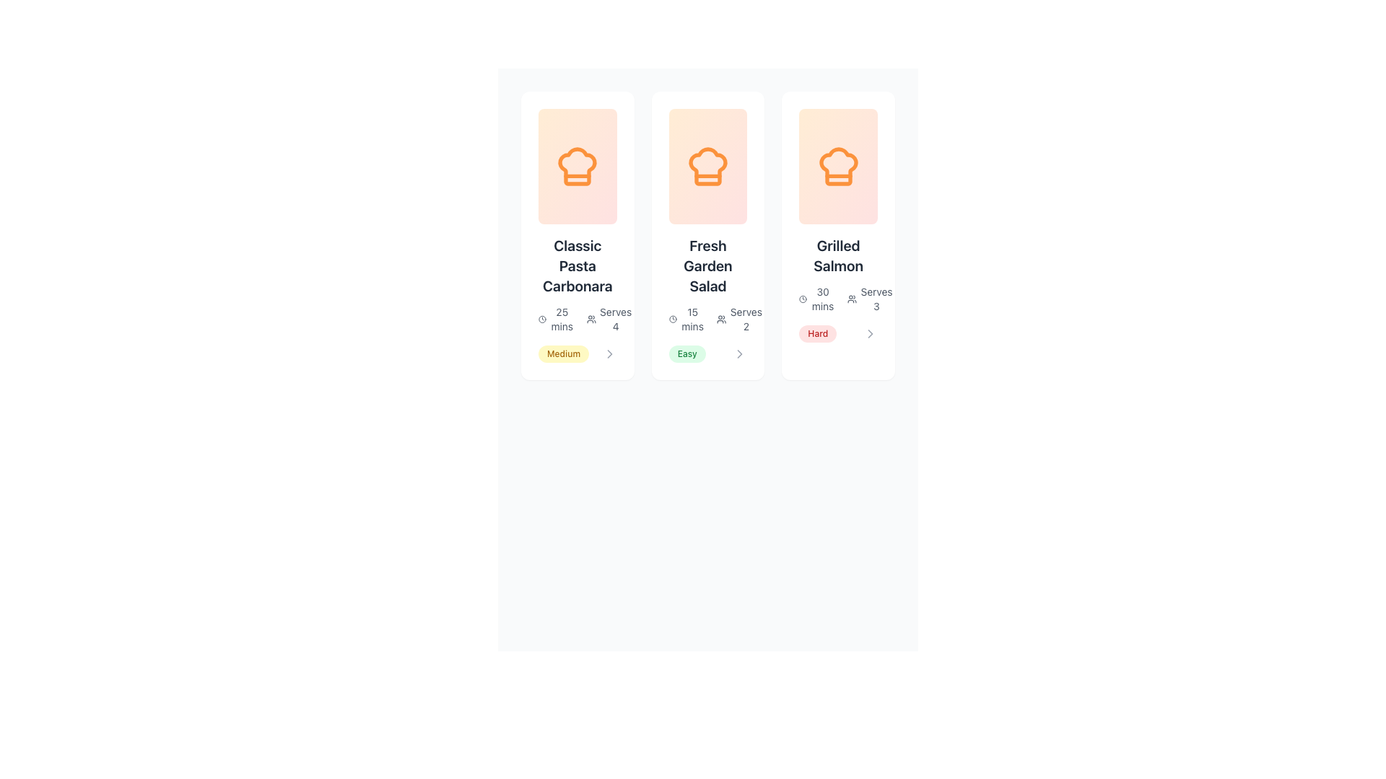 Image resolution: width=1386 pixels, height=779 pixels. I want to click on text label displaying 'Serves 2', which is styled simply and positioned below the icon of two silhouetted figures within the 'Fresh Garden Salad' card, so click(746, 319).